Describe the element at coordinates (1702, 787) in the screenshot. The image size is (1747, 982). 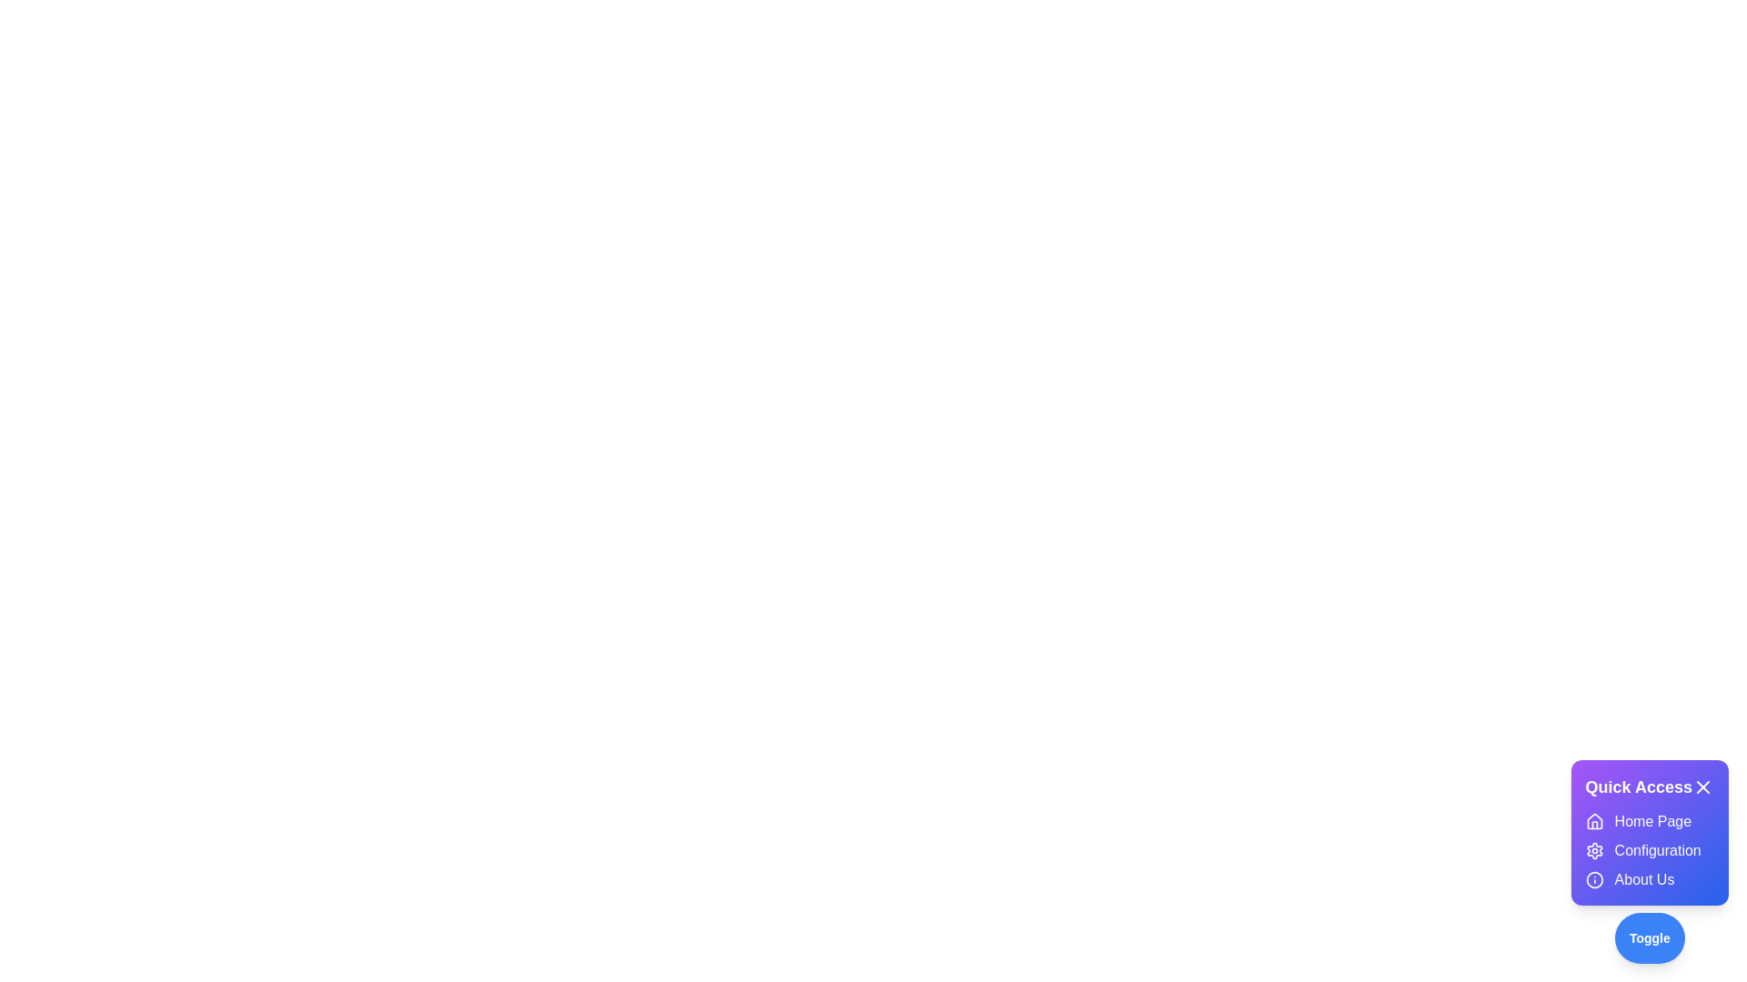
I see `the close button located at the top-right corner of the 'Quick Access' panel` at that location.